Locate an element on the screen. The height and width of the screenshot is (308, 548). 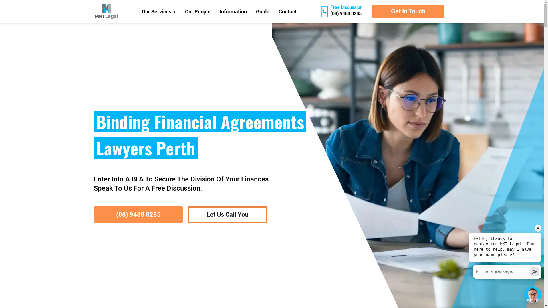
'Free Discussion is located at coordinates (316, 11).